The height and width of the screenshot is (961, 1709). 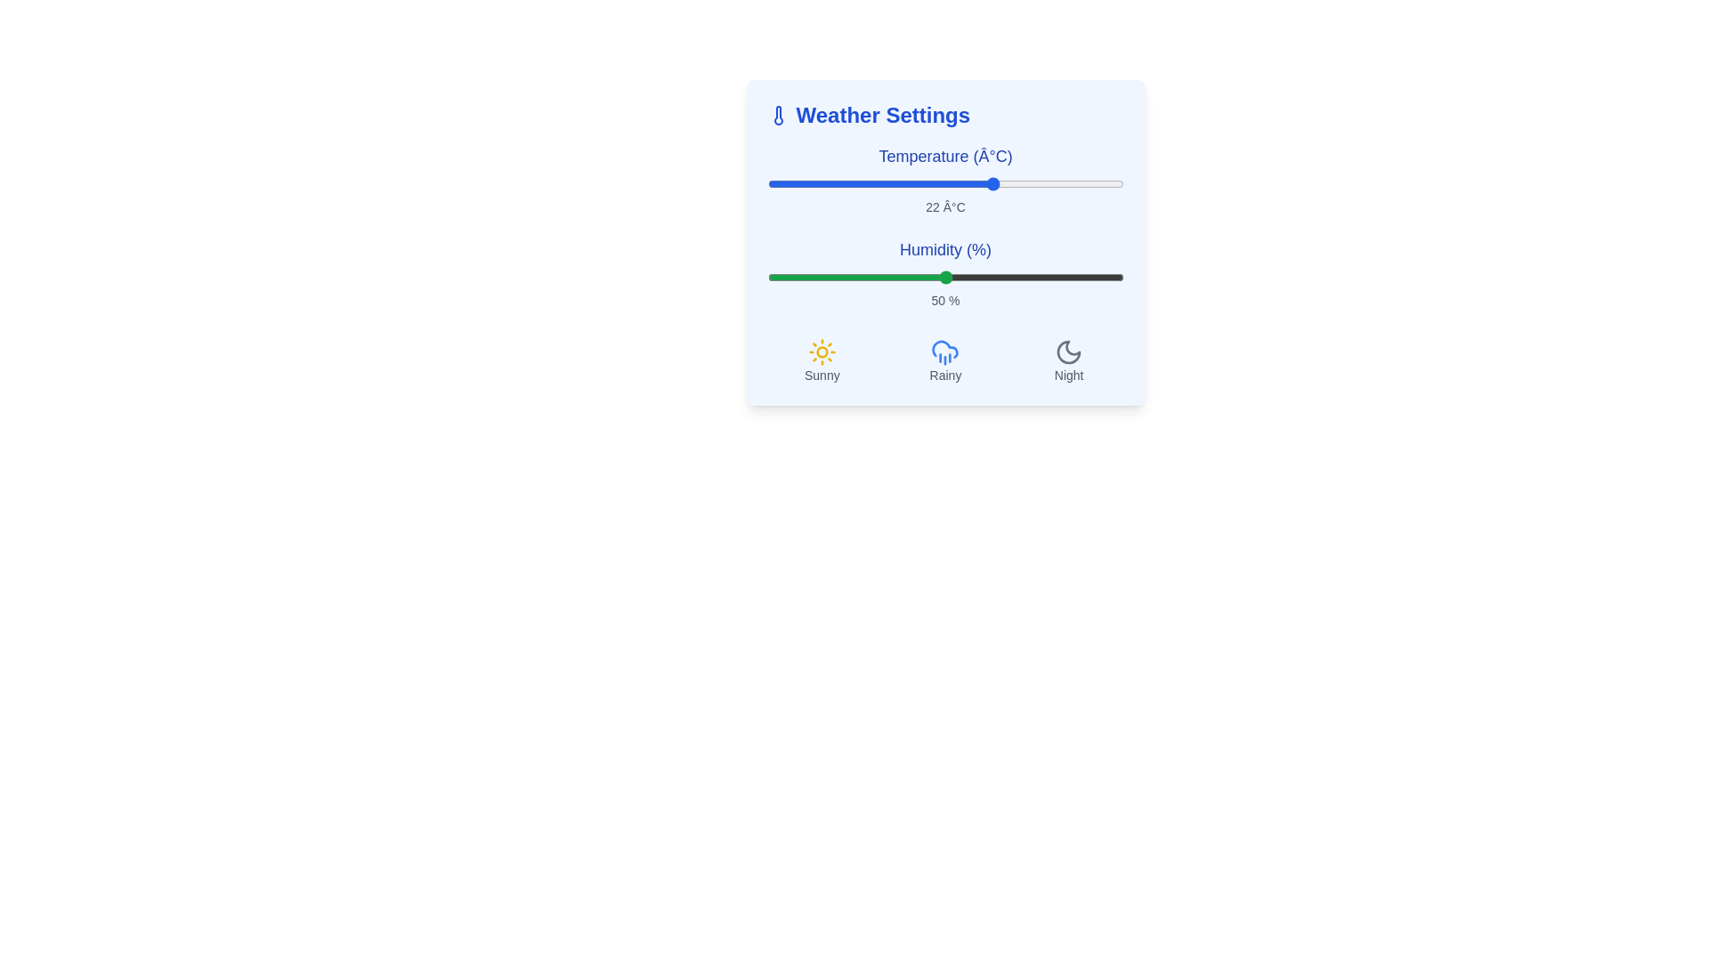 I want to click on the humidity, so click(x=1112, y=278).